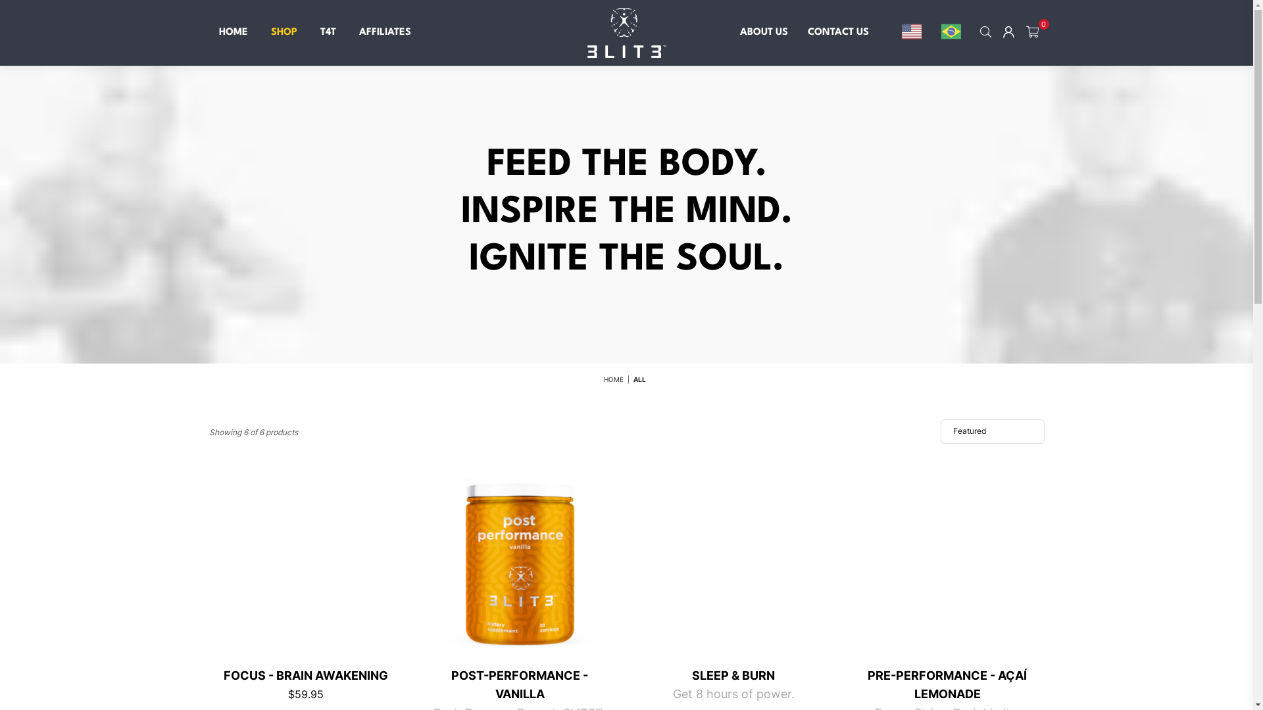 The width and height of the screenshot is (1263, 710). What do you see at coordinates (729, 32) in the screenshot?
I see `'ABOUT US'` at bounding box center [729, 32].